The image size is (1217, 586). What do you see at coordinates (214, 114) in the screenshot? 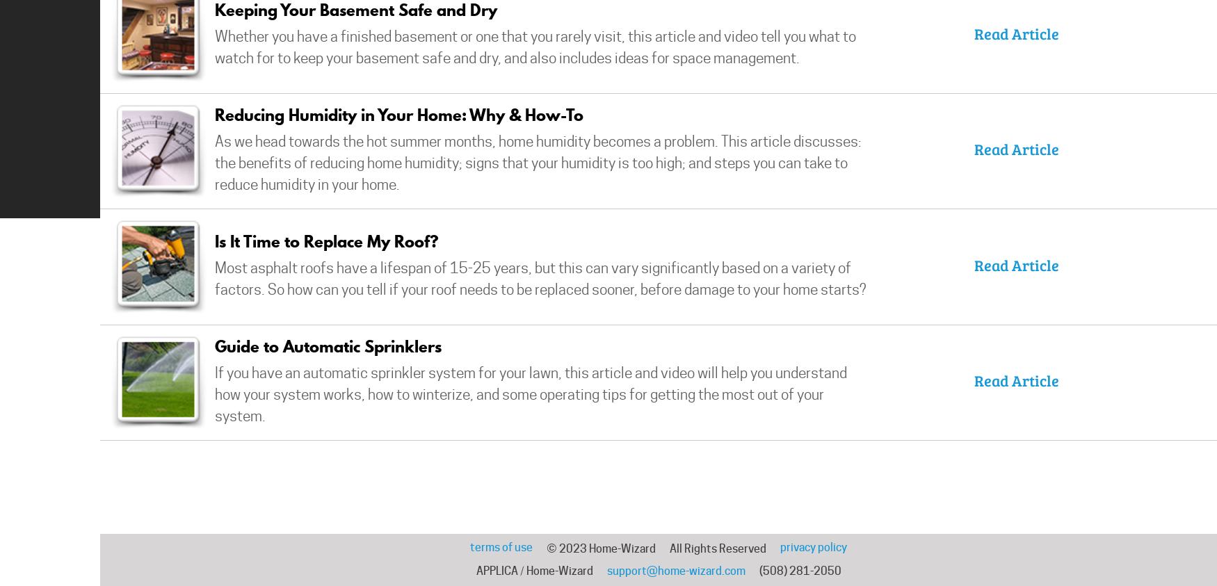
I see `'Reducing Humidity in Your Home: Why & How-To'` at bounding box center [214, 114].